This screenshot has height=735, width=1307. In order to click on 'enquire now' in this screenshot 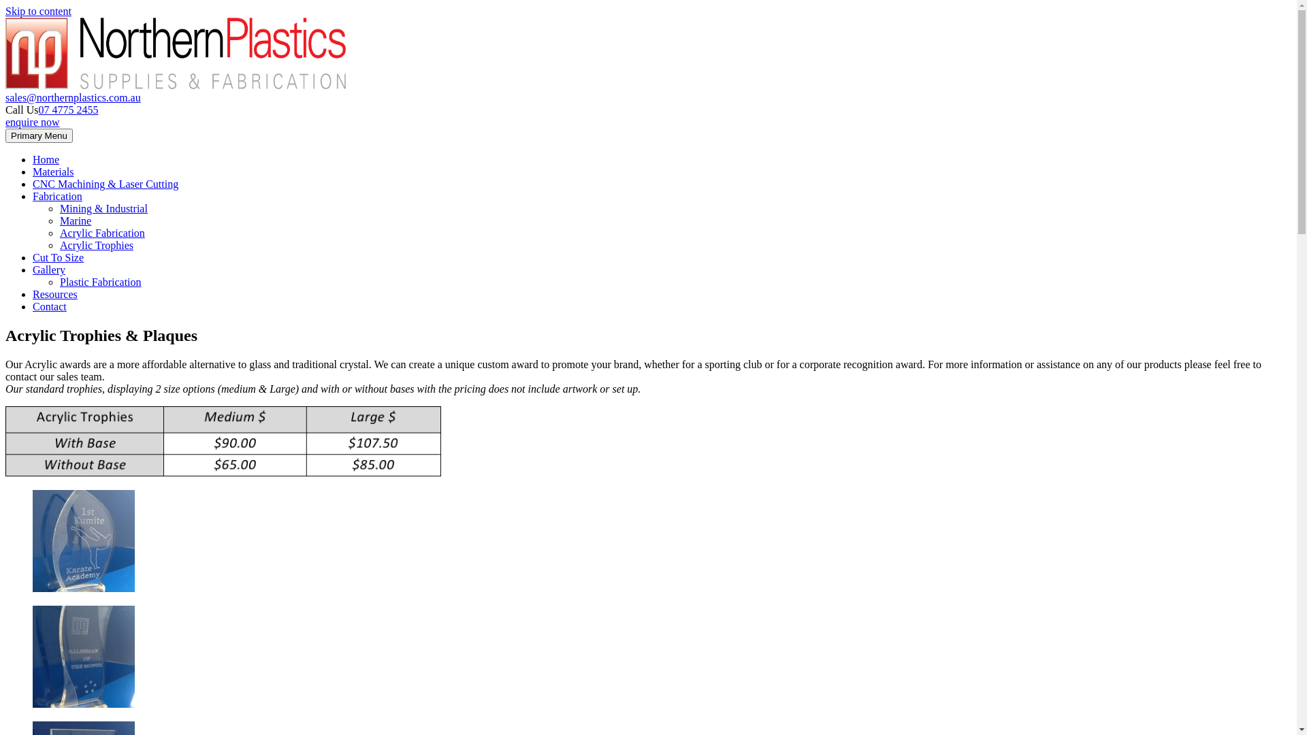, I will do `click(33, 121)`.